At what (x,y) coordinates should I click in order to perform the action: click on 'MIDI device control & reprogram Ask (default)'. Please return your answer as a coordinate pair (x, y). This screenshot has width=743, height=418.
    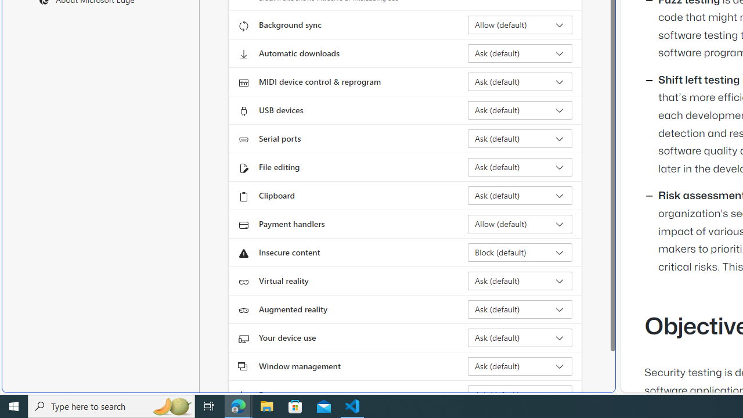
    Looking at the image, I should click on (520, 81).